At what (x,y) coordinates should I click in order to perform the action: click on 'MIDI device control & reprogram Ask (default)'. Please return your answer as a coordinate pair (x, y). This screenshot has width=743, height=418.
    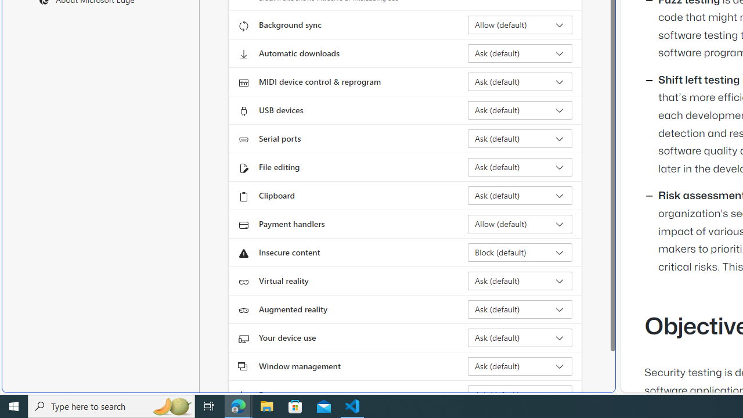
    Looking at the image, I should click on (520, 81).